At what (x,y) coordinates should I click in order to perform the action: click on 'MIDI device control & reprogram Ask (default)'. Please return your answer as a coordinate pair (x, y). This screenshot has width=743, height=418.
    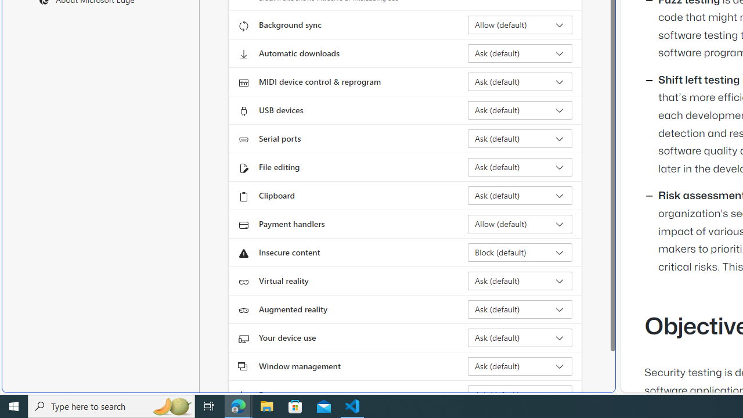
    Looking at the image, I should click on (520, 81).